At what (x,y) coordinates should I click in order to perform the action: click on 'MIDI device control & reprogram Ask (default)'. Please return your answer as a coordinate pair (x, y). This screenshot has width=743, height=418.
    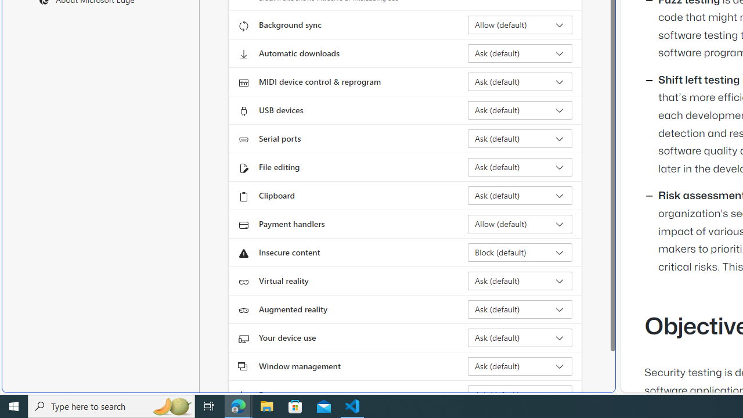
    Looking at the image, I should click on (520, 81).